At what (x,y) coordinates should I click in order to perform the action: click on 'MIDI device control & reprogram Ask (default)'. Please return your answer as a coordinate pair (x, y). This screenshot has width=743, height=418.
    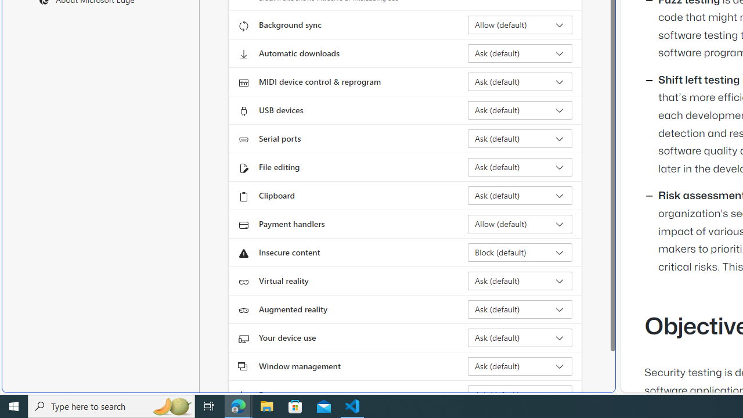
    Looking at the image, I should click on (520, 81).